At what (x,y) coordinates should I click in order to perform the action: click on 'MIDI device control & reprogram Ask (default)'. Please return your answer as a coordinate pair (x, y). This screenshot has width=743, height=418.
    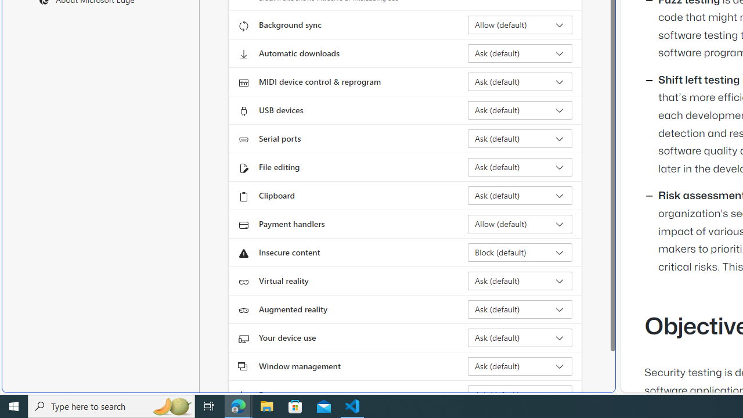
    Looking at the image, I should click on (520, 81).